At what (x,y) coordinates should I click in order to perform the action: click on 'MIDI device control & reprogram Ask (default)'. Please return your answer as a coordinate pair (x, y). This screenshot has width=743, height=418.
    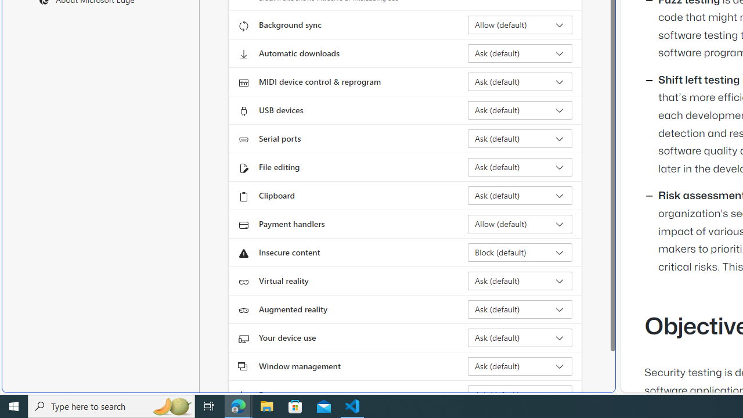
    Looking at the image, I should click on (520, 81).